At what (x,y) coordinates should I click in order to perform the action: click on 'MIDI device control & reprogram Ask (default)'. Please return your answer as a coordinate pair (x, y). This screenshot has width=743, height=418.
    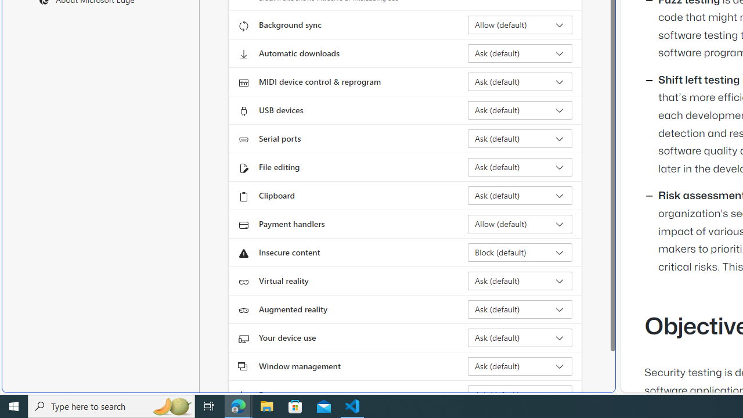
    Looking at the image, I should click on (520, 81).